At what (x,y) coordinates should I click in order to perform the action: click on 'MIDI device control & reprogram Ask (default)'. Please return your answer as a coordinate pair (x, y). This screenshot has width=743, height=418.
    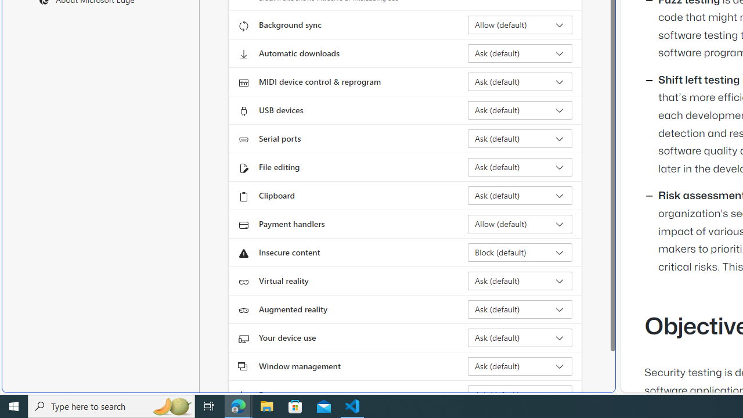
    Looking at the image, I should click on (520, 81).